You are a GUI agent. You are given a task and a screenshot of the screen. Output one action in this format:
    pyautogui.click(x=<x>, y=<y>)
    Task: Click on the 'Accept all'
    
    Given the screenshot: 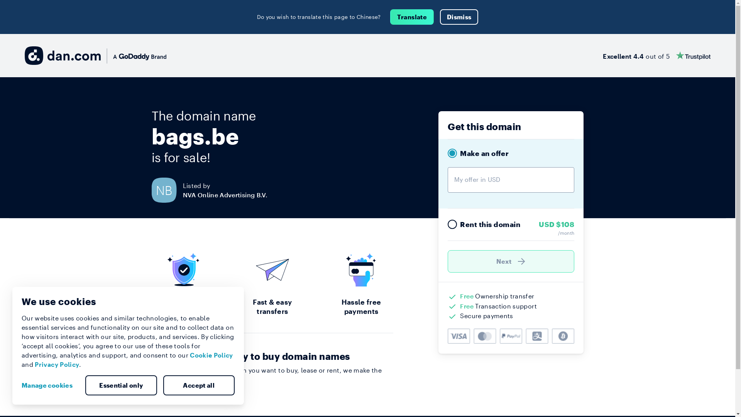 What is the action you would take?
    pyautogui.click(x=162, y=385)
    